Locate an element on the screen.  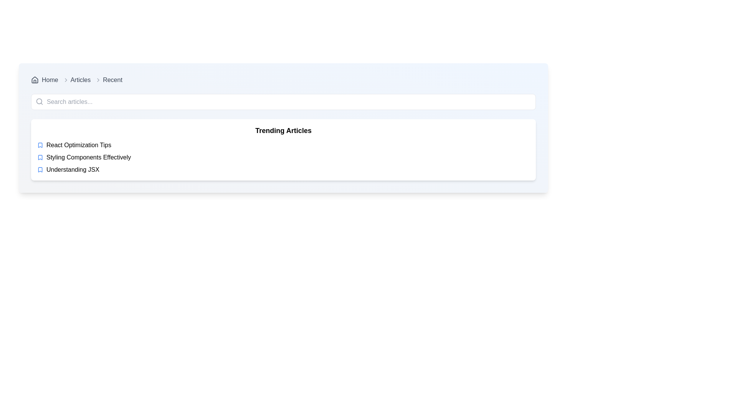
the separator icon in the breadcrumb navigation bar located between 'Articles' and 'Recent' is located at coordinates (66, 80).